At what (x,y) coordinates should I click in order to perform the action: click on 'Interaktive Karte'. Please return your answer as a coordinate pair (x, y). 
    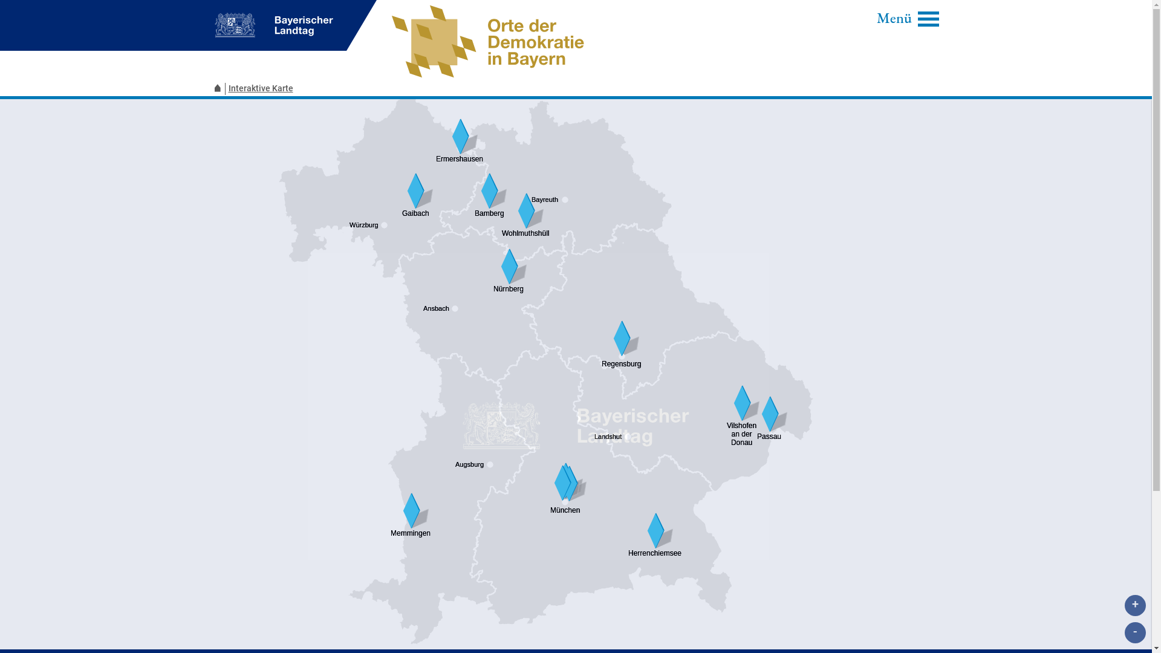
    Looking at the image, I should click on (261, 88).